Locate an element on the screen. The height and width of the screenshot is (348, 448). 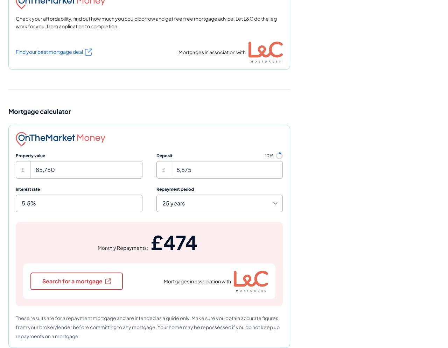
'Repayment period' is located at coordinates (175, 189).